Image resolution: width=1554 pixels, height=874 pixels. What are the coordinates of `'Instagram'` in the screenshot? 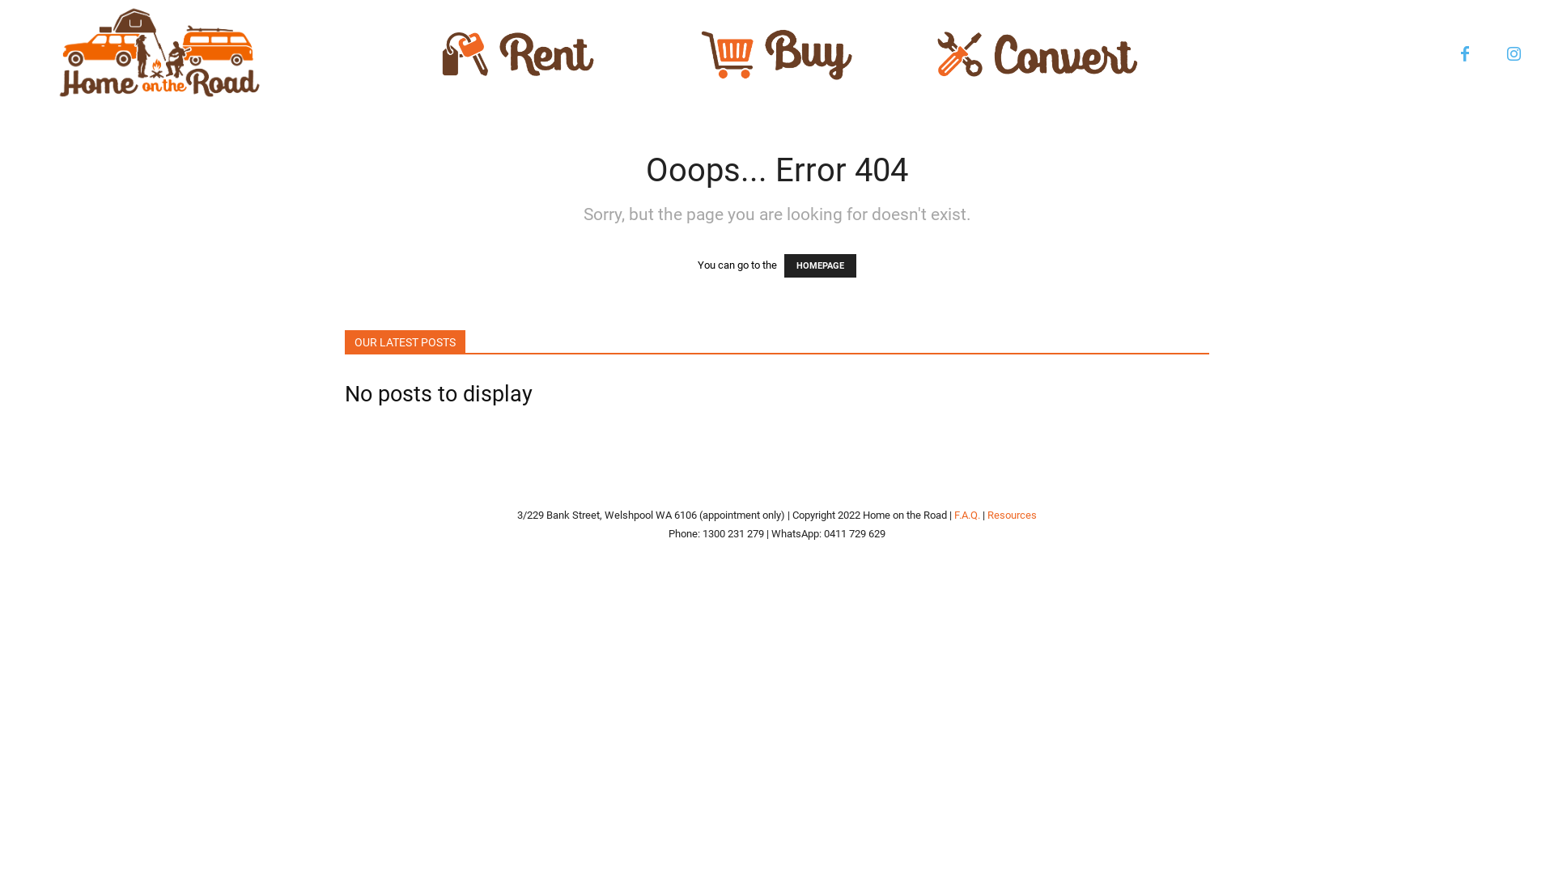 It's located at (1513, 54).